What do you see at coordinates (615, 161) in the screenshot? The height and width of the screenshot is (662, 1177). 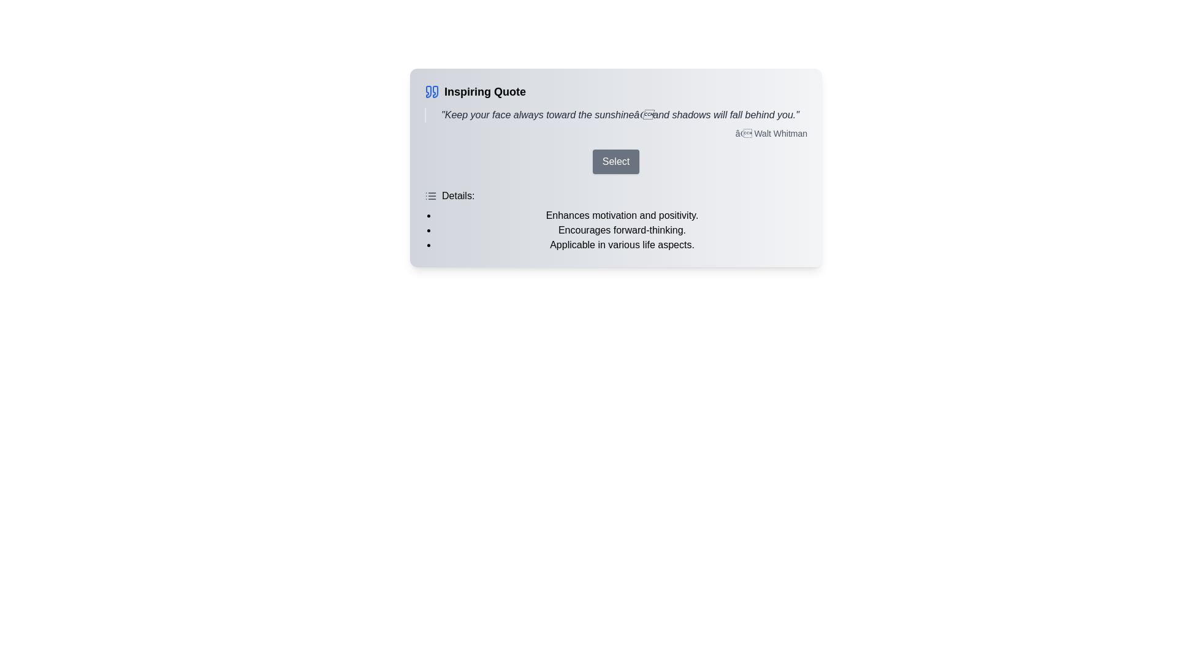 I see `the button located in the 'Inspiring Quote' card, positioned below the quote and author text` at bounding box center [615, 161].